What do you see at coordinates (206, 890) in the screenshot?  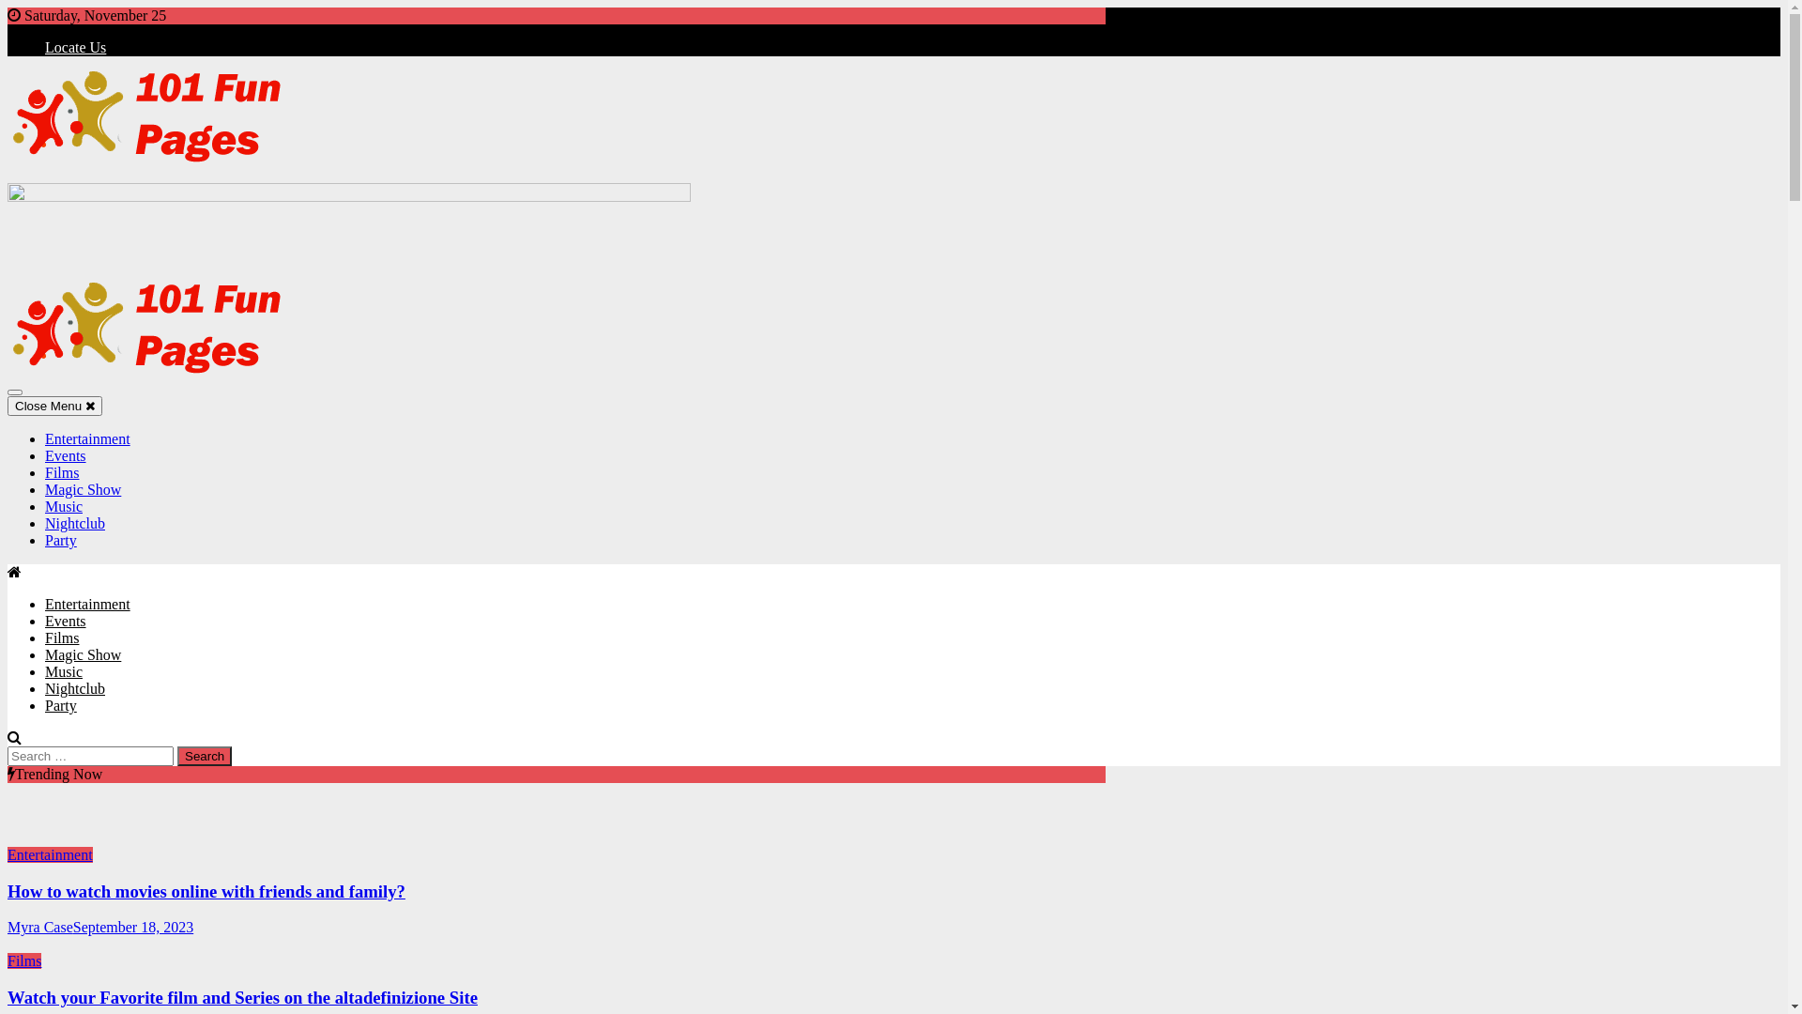 I see `'How to watch movies online with friends and family?'` at bounding box center [206, 890].